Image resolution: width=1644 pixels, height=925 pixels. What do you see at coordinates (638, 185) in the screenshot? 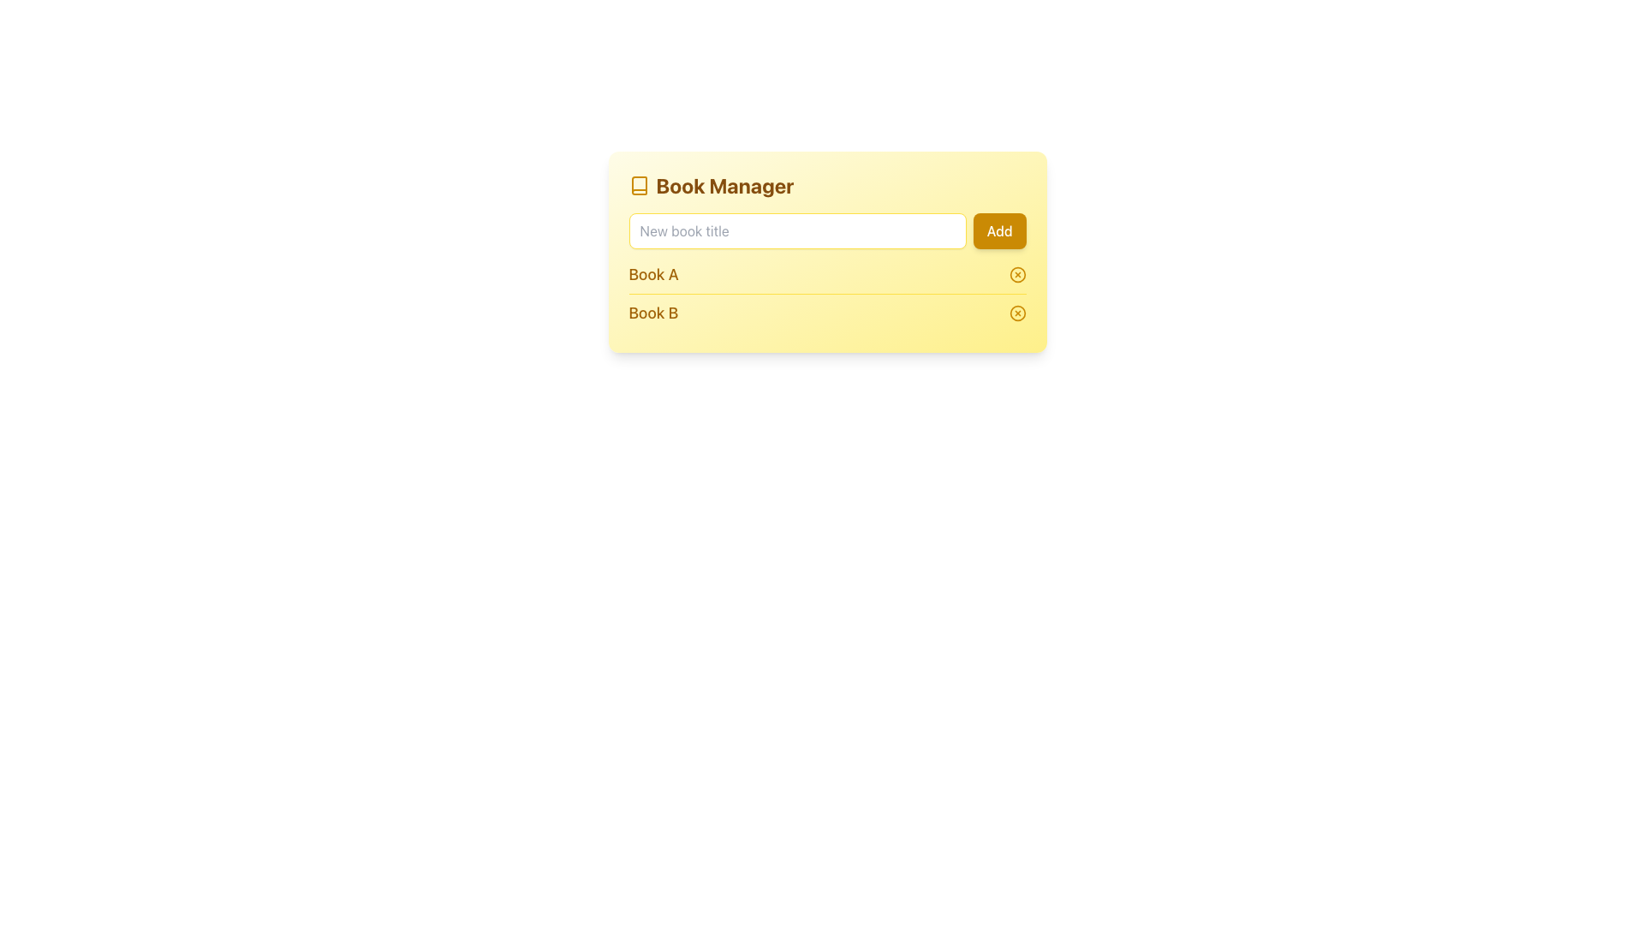
I see `the yellow book icon located on the left side of the 'Book Manager' header` at bounding box center [638, 185].